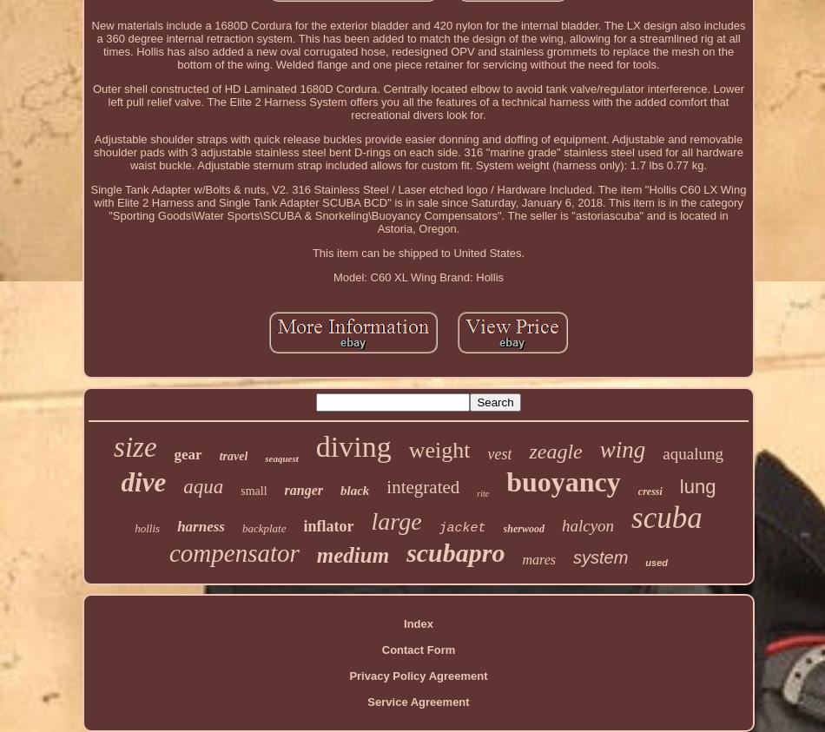 The width and height of the screenshot is (825, 732). Describe the element at coordinates (348, 676) in the screenshot. I see `'Privacy Policy Agreement'` at that location.